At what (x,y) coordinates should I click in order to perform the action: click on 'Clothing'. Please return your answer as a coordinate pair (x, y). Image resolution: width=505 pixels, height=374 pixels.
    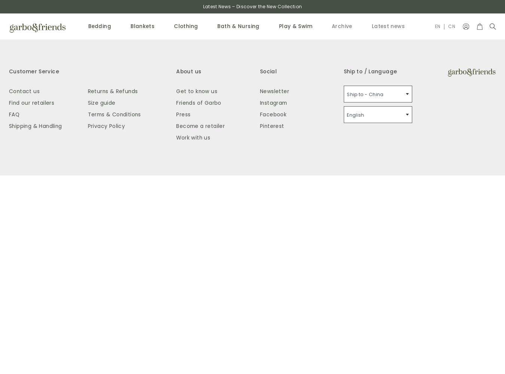
    Looking at the image, I should click on (185, 26).